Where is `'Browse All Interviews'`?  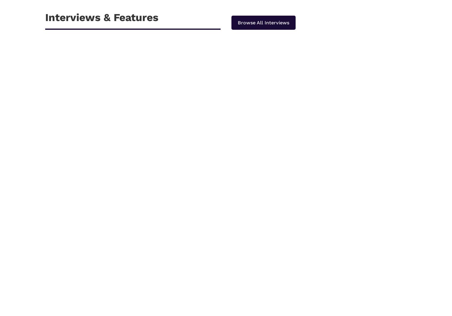
'Browse All Interviews' is located at coordinates (238, 22).